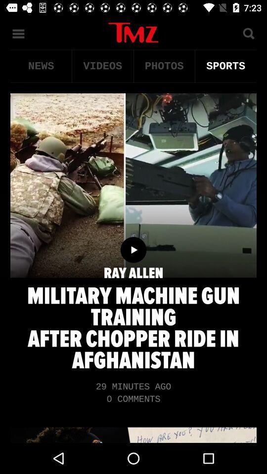 This screenshot has width=267, height=474. I want to click on the search icon, so click(248, 33).